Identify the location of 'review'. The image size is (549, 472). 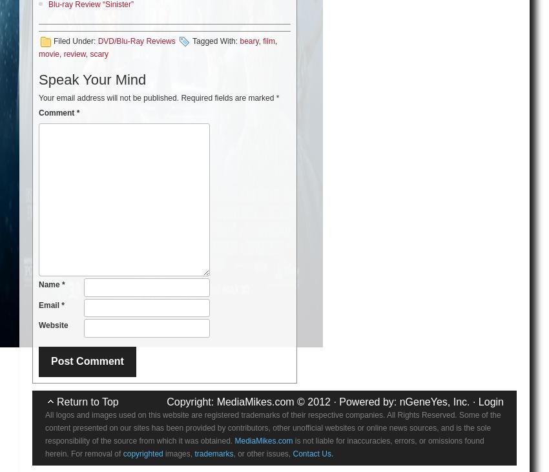
(74, 52).